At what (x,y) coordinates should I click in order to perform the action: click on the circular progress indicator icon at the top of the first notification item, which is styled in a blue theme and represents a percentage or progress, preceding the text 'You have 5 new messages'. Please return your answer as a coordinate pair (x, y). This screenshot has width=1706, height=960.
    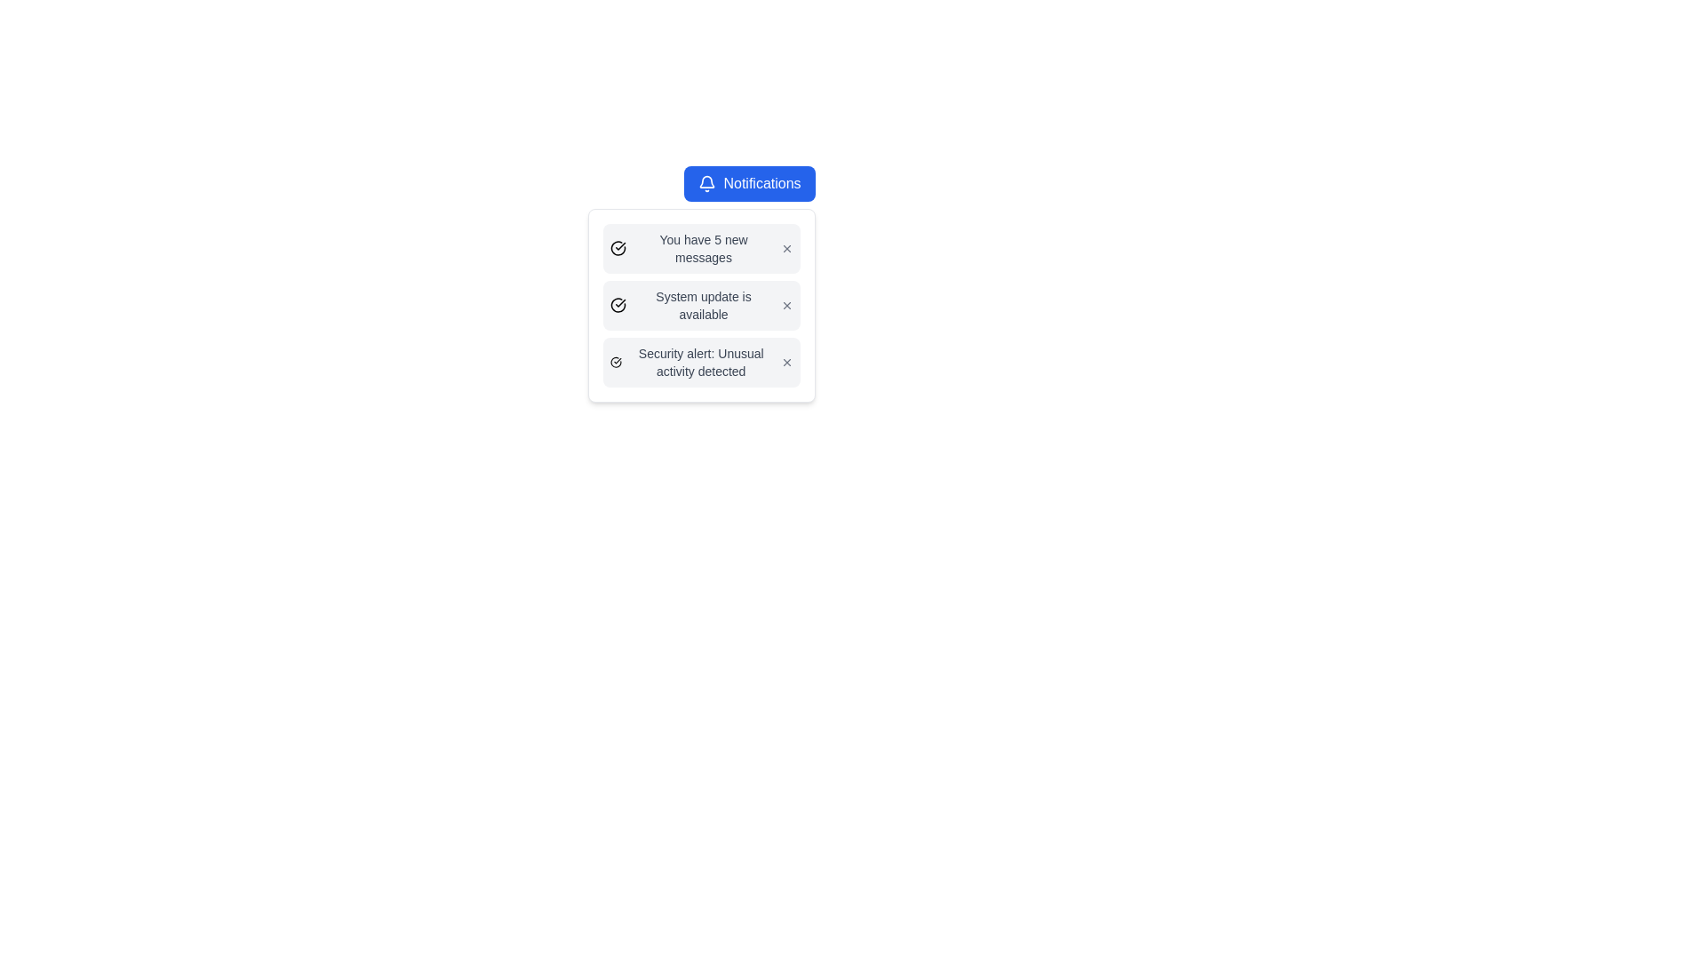
    Looking at the image, I should click on (618, 247).